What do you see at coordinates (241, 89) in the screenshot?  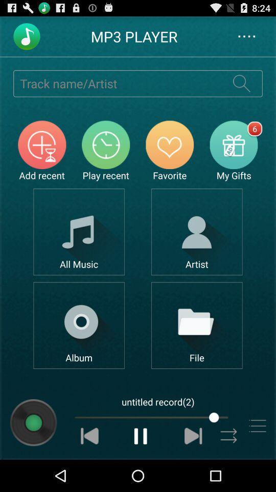 I see `the search icon` at bounding box center [241, 89].